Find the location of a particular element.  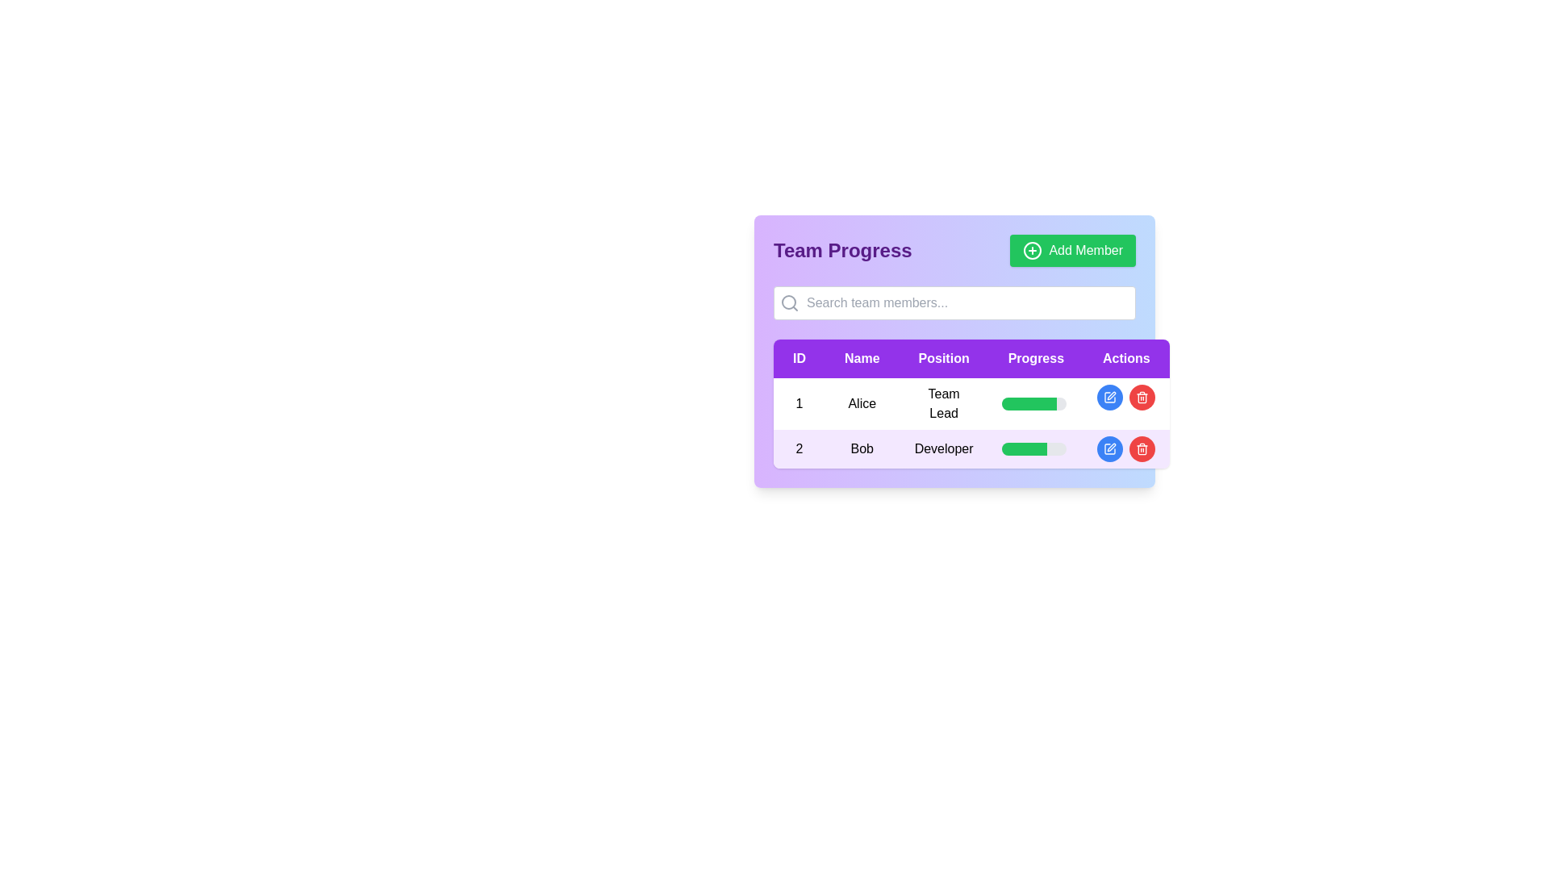

the red circular button with a white trash icon located in the 'Actions' column of the second row of the table within the 'Team Progress' panel is located at coordinates (1142, 398).